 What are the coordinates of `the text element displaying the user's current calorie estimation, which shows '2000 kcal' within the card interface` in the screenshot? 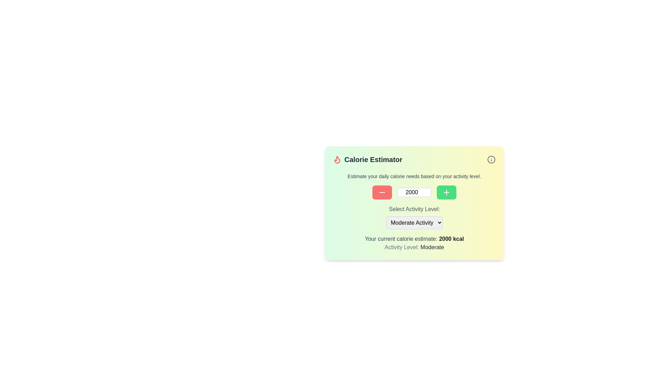 It's located at (451, 238).